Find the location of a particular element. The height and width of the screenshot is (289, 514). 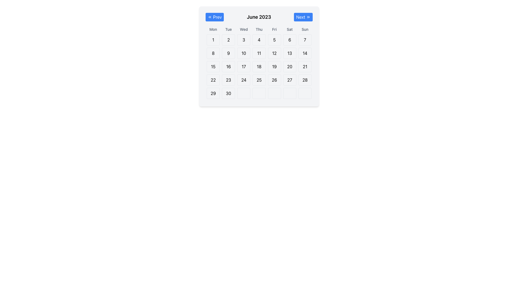

the date selection button representing the date '1' in the calendar component is located at coordinates (213, 40).